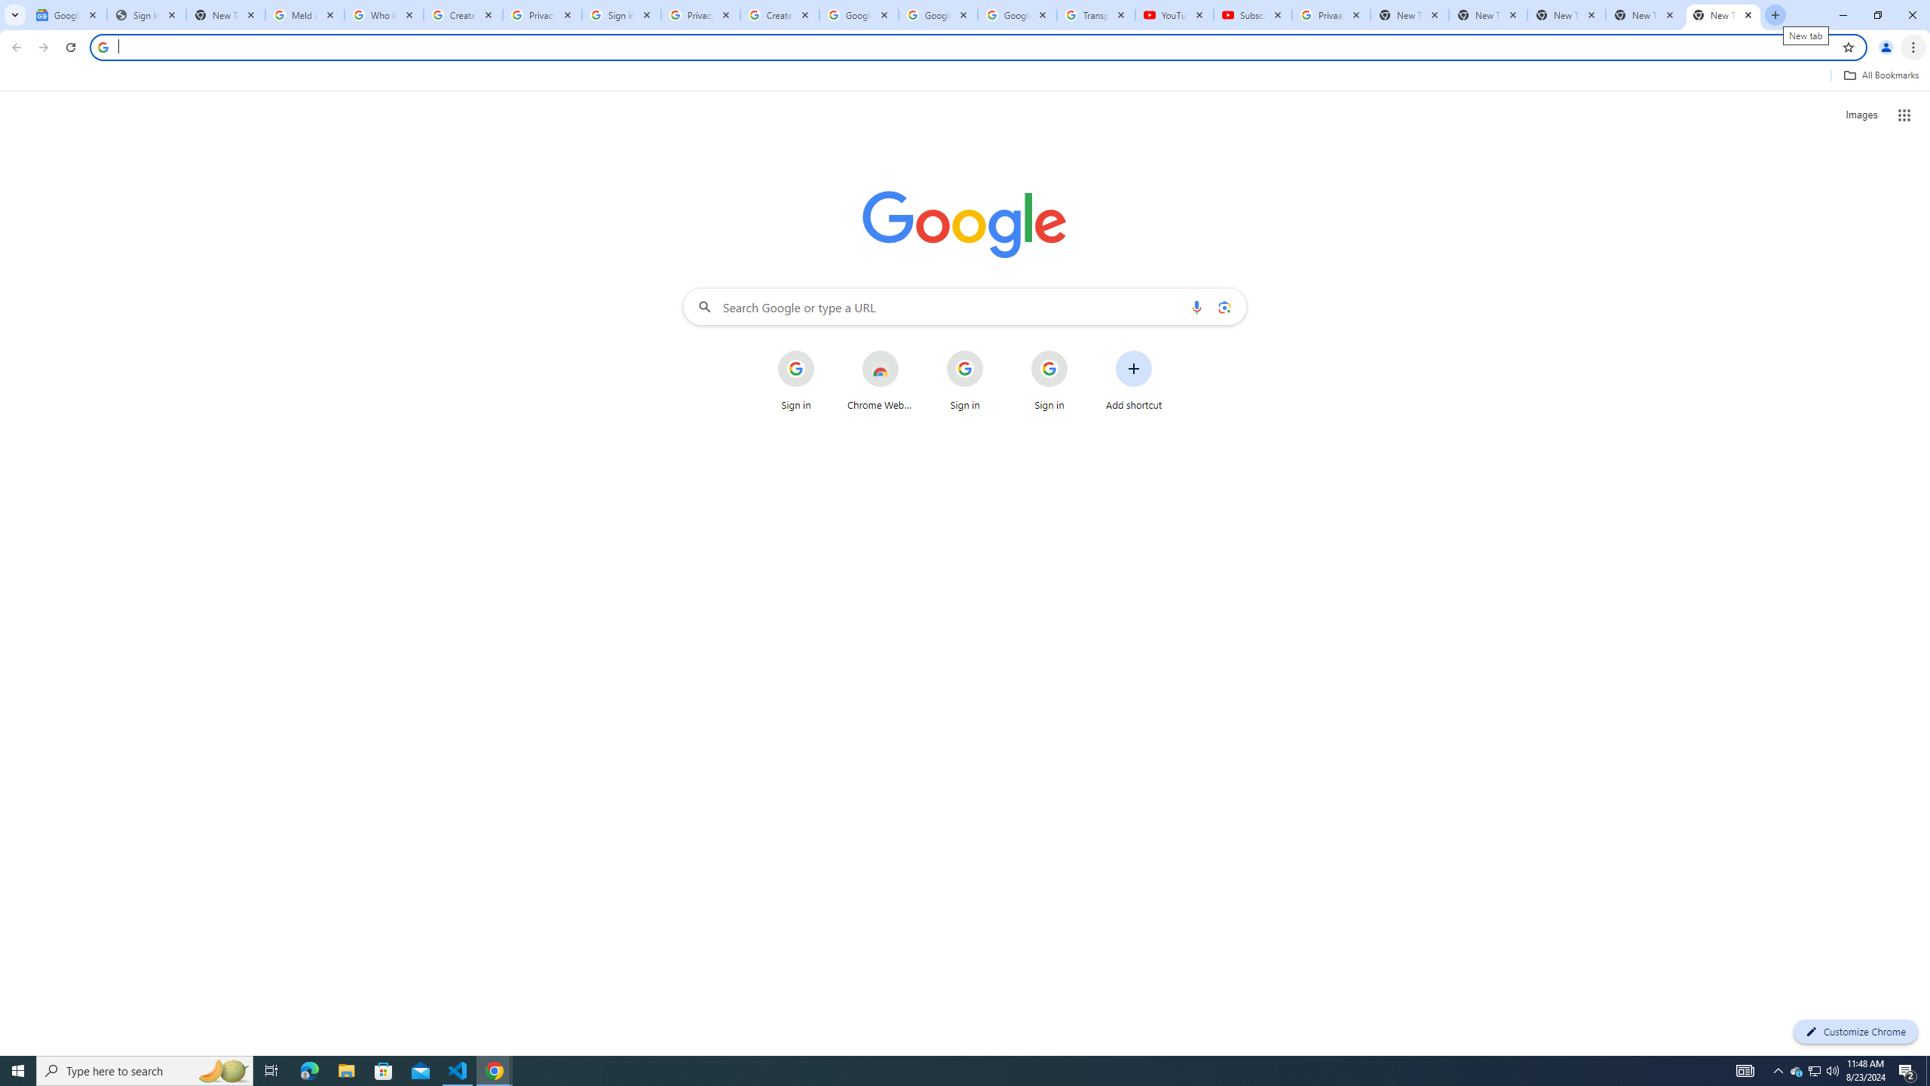 The height and width of the screenshot is (1086, 1930). Describe the element at coordinates (384, 14) in the screenshot. I see `'Who is my administrator? - Google Account Help'` at that location.